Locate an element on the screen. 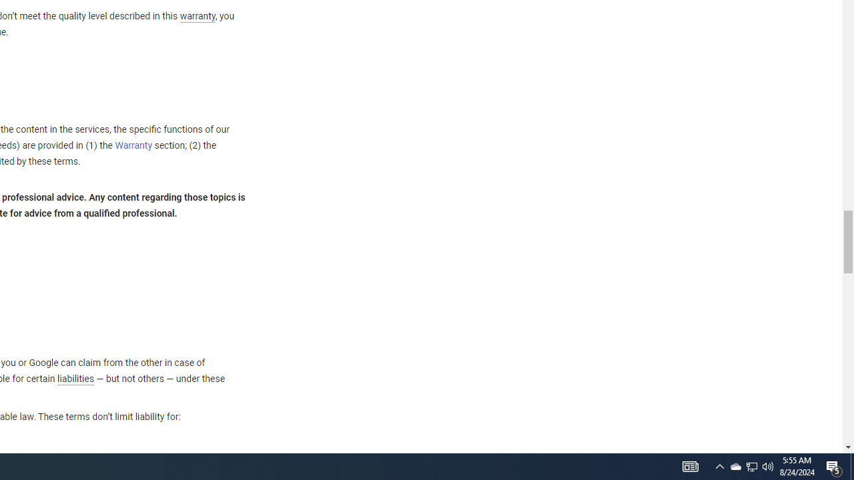 This screenshot has width=854, height=480. 'liabilities' is located at coordinates (75, 379).